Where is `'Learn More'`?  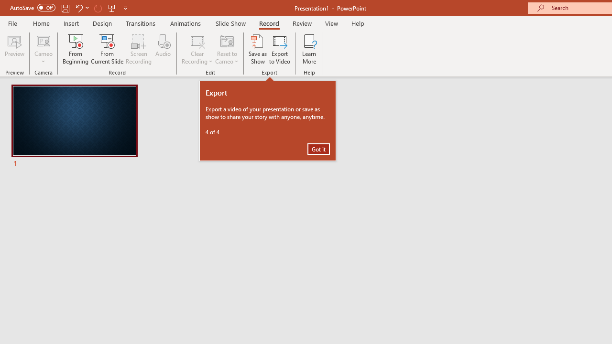
'Learn More' is located at coordinates (309, 49).